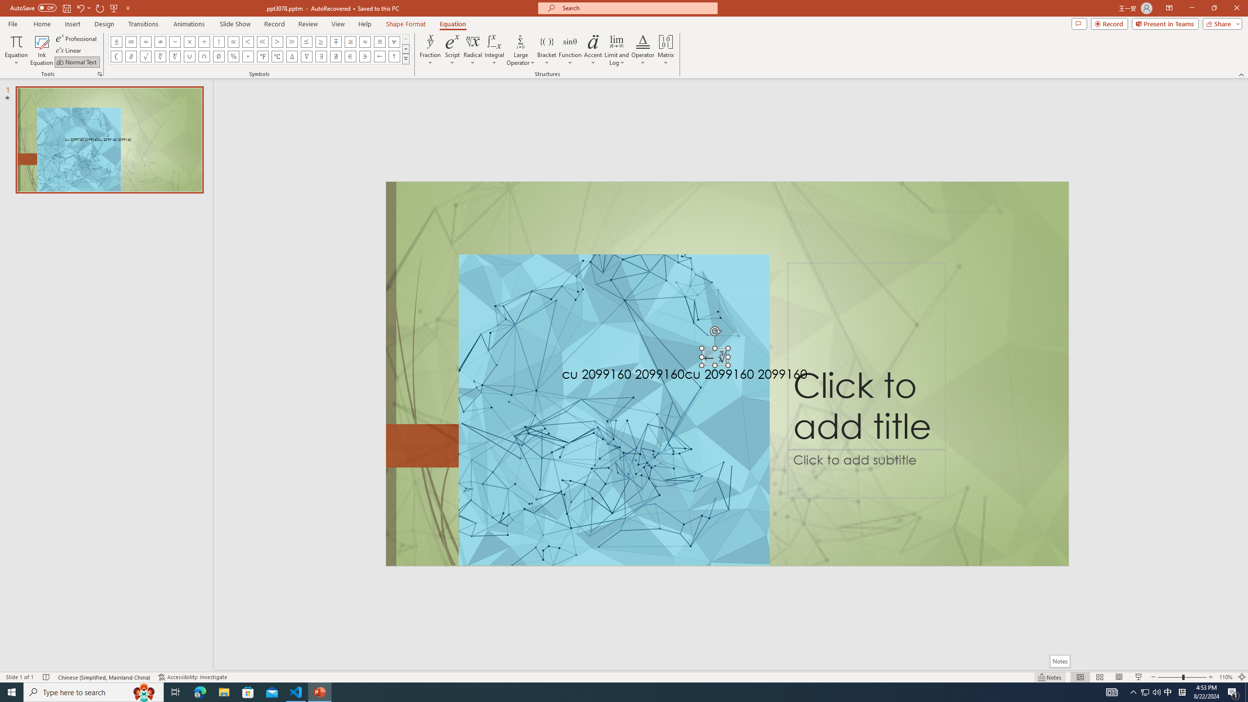 The image size is (1248, 702). I want to click on 'Operator', so click(642, 50).